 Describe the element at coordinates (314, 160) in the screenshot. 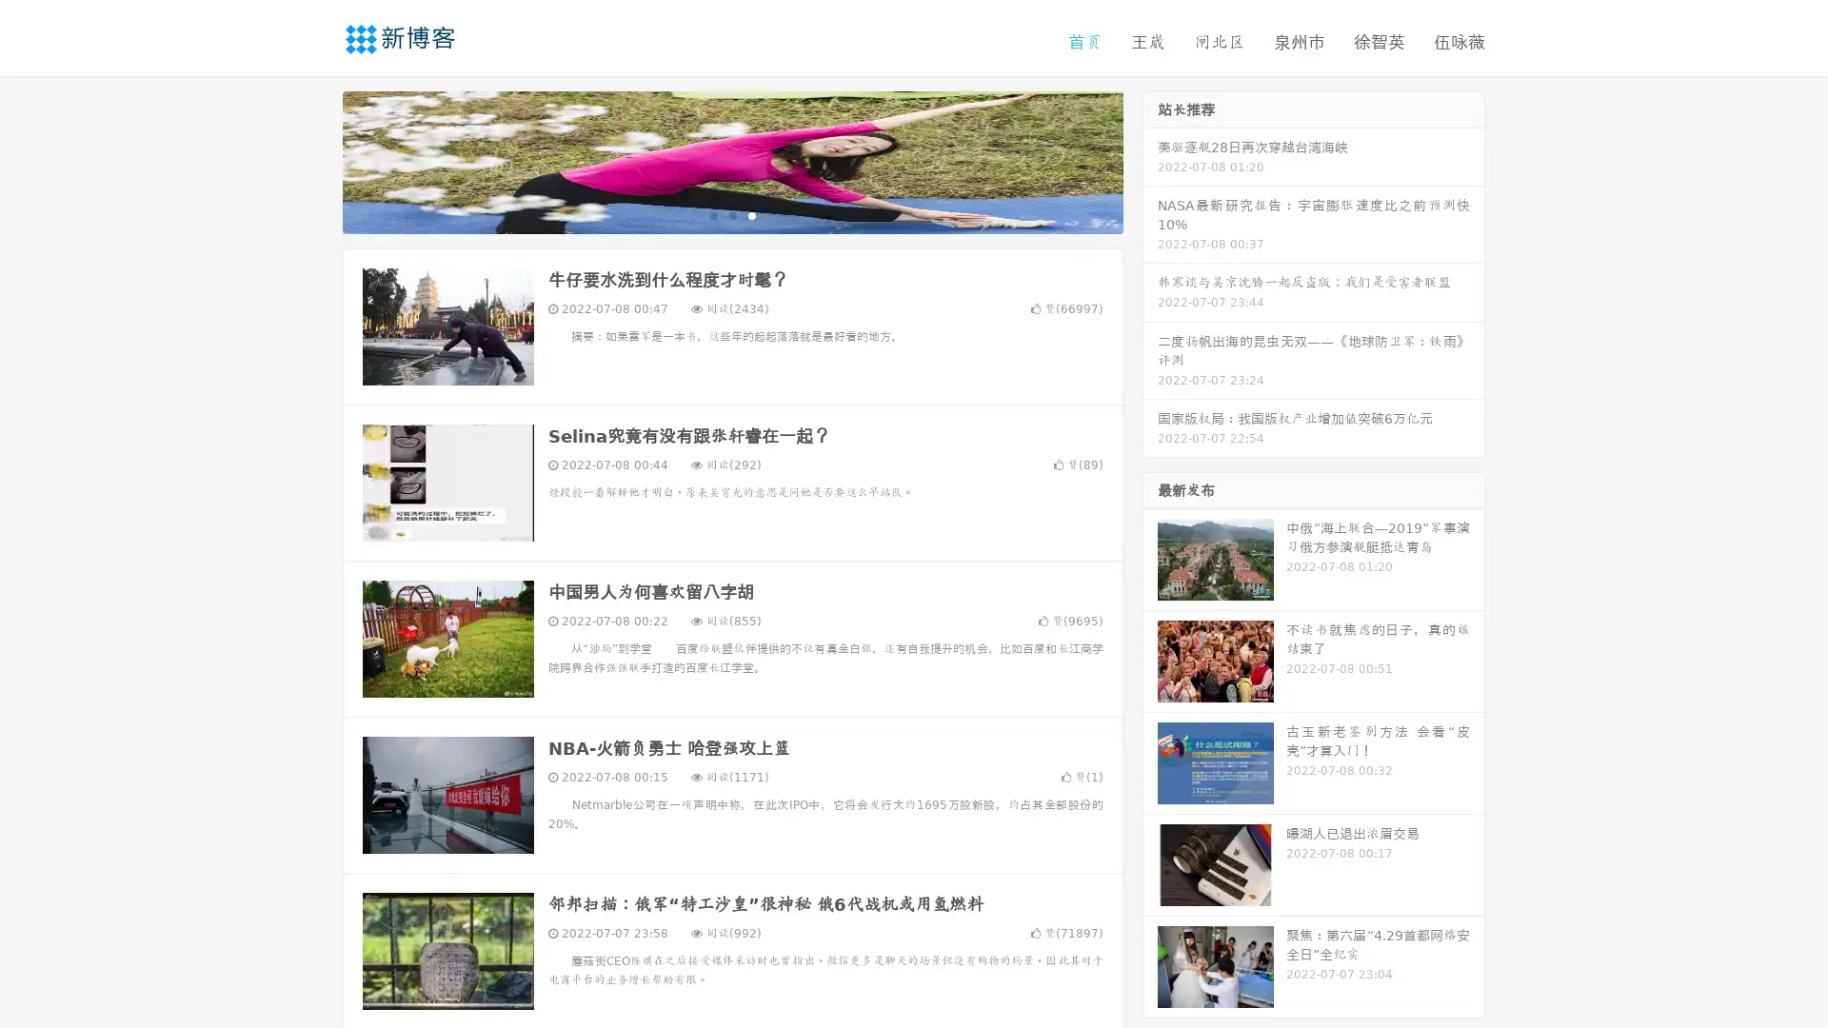

I see `Previous slide` at that location.